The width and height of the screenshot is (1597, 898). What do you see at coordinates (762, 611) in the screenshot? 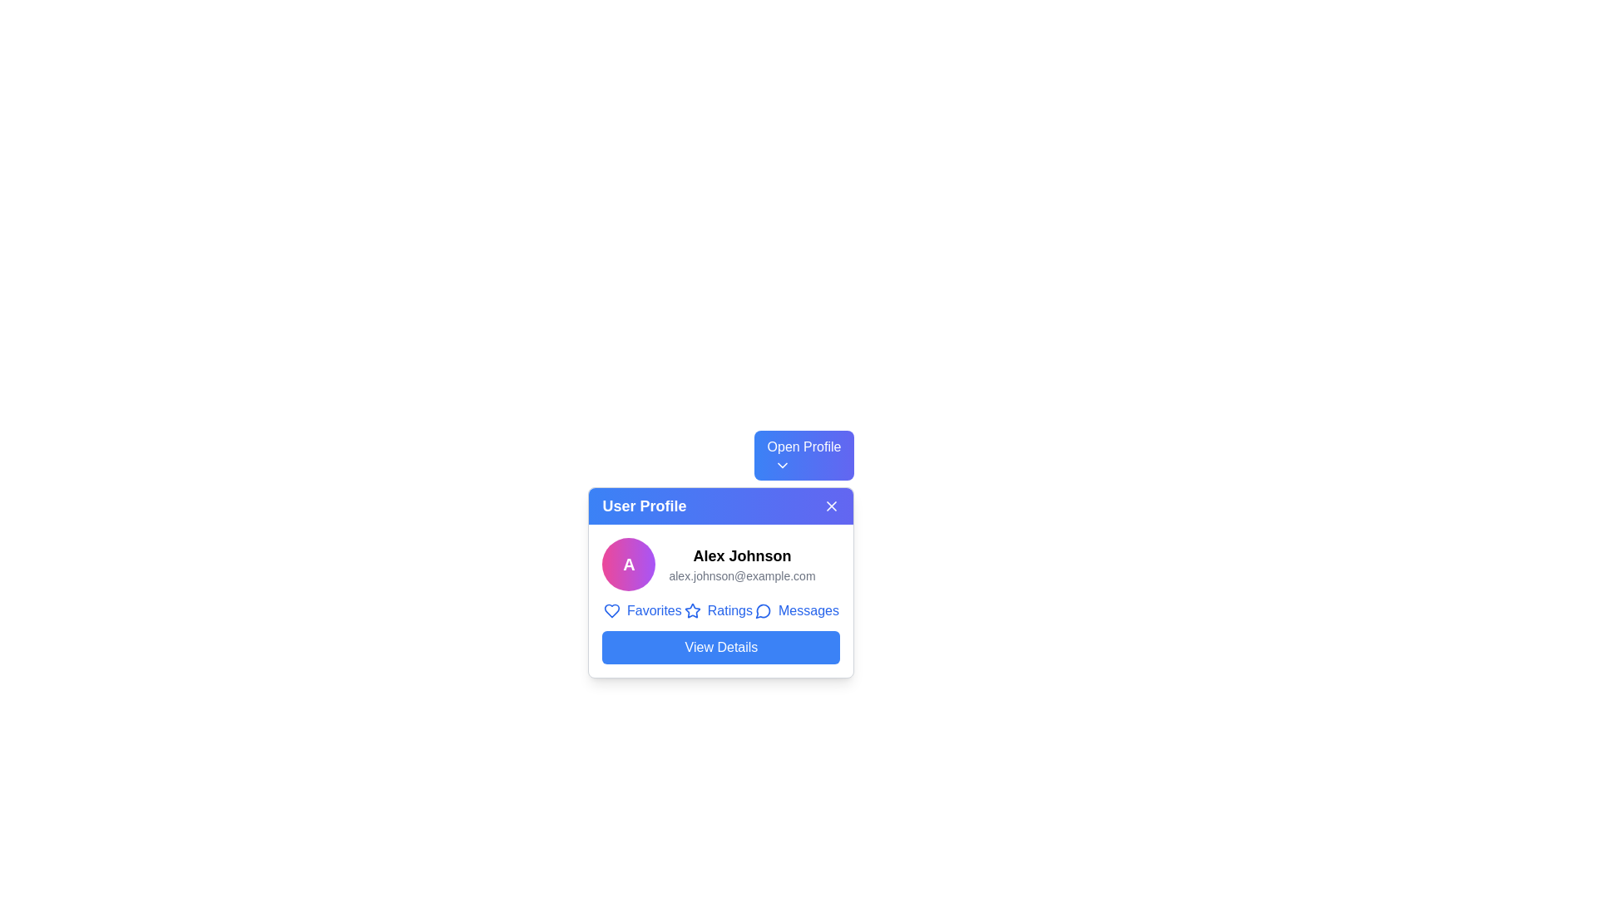
I see `the speech bubble-like icon with a blue stroke and white background, located beneath the user profile section, to the right of the star icon and left of the 'Messages' text` at bounding box center [762, 611].